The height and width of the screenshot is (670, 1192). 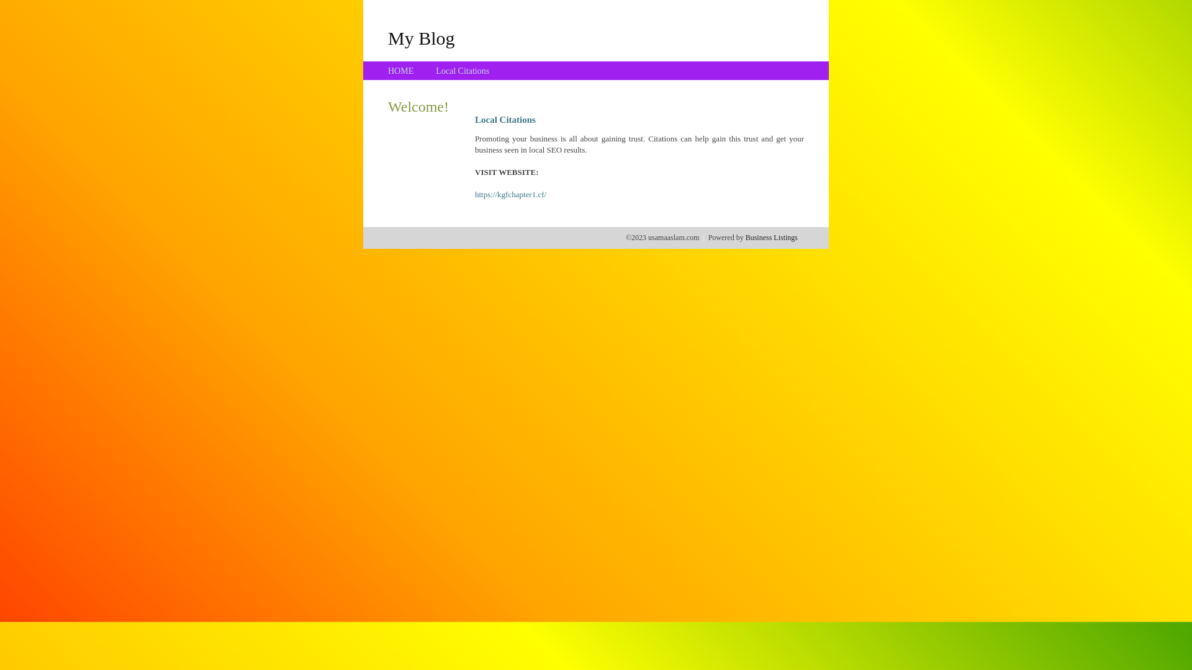 What do you see at coordinates (435, 71) in the screenshot?
I see `'Local Citations'` at bounding box center [435, 71].